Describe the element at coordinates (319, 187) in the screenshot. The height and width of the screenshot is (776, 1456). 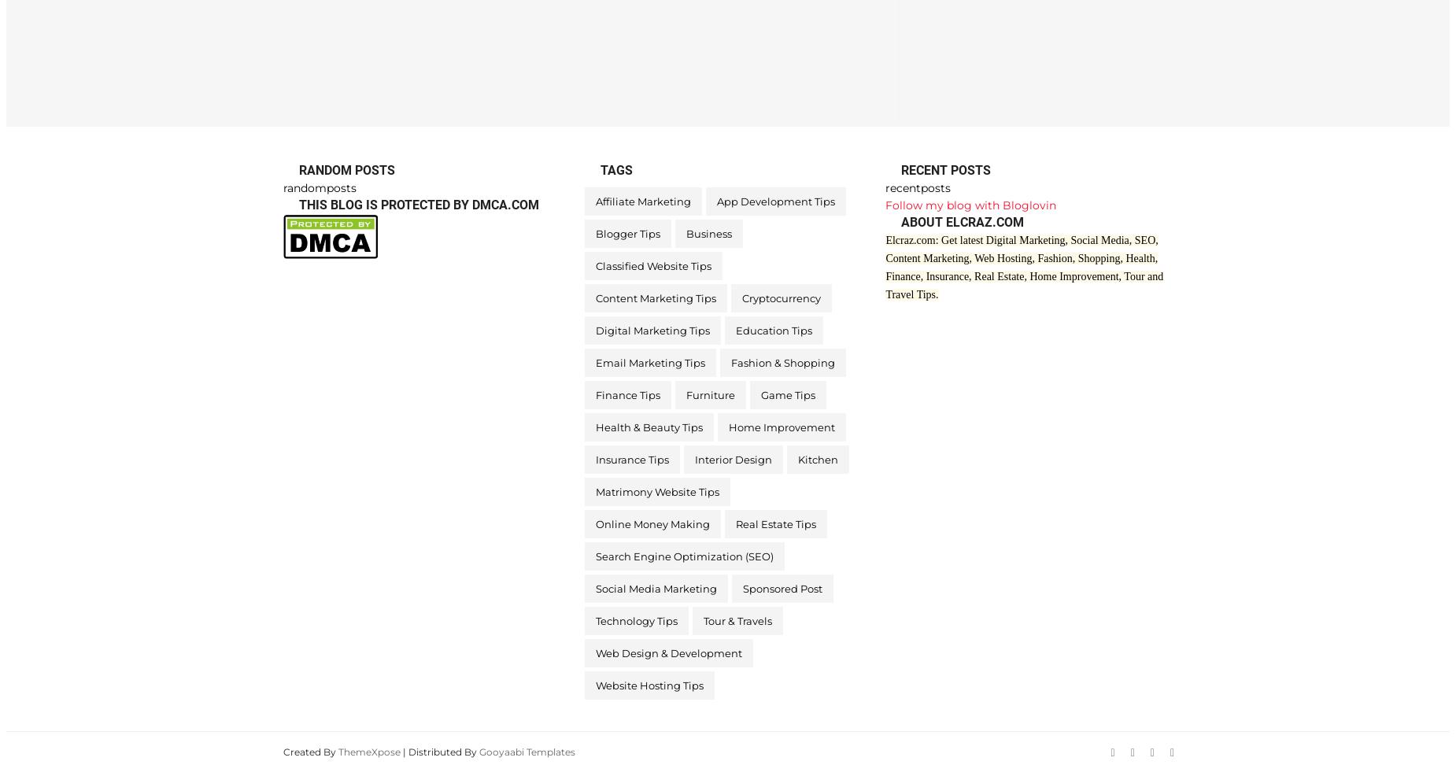
I see `'randomposts'` at that location.